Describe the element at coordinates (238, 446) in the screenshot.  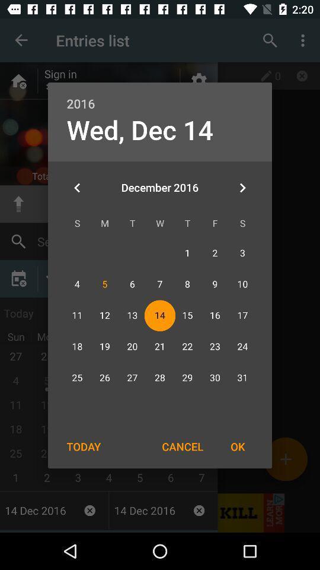
I see `the ok at the bottom right corner` at that location.